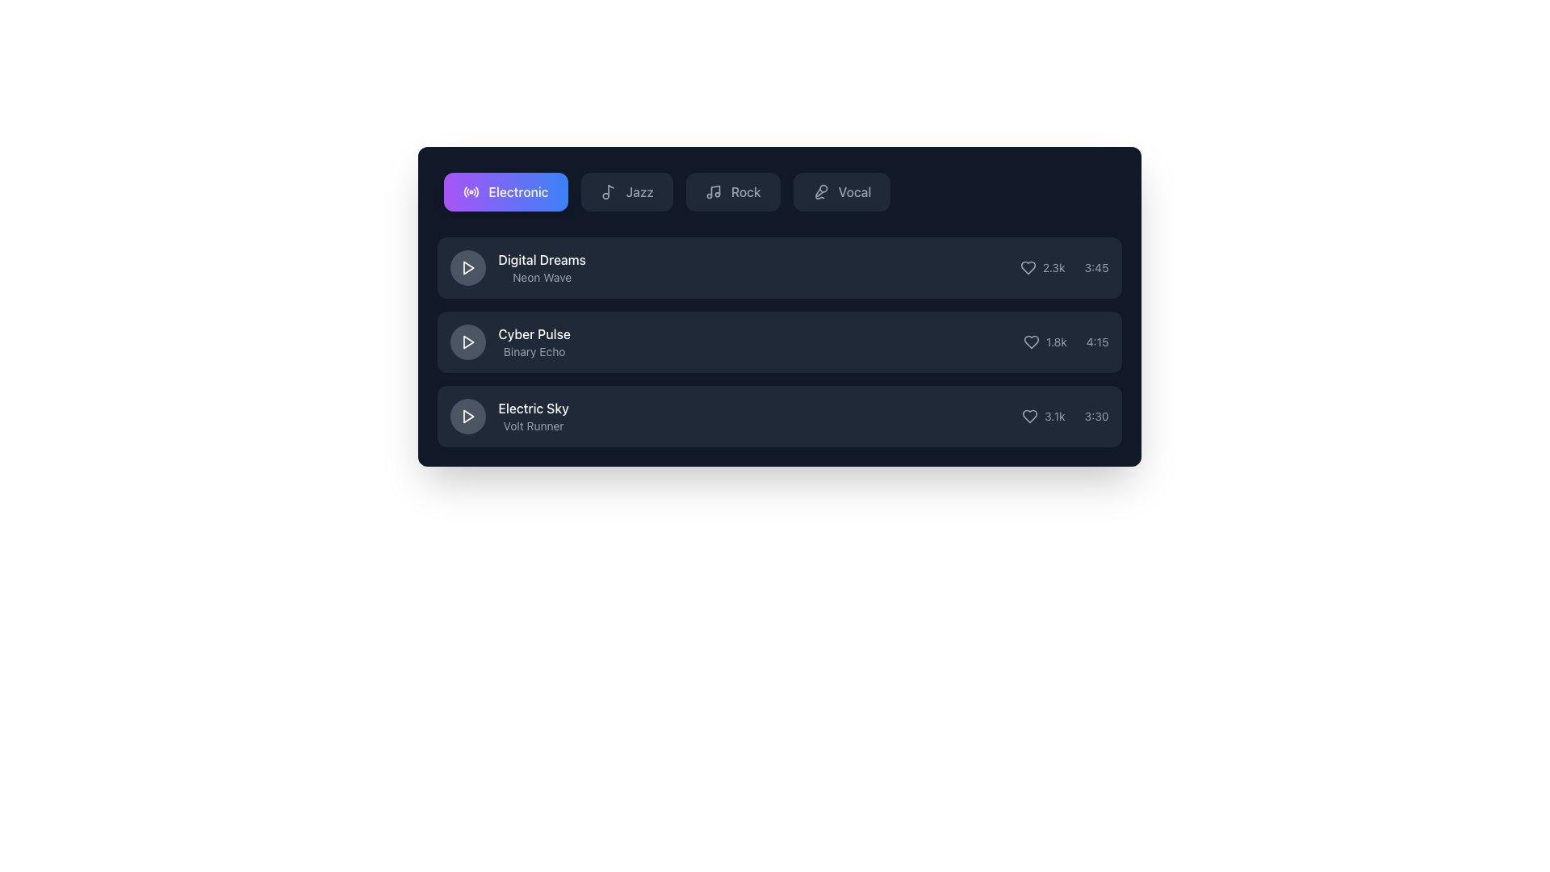  Describe the element at coordinates (1027, 266) in the screenshot. I see `the favorite or like button located in the right section of the first row of song entries, near the numerical text indicating 2.3k` at that location.